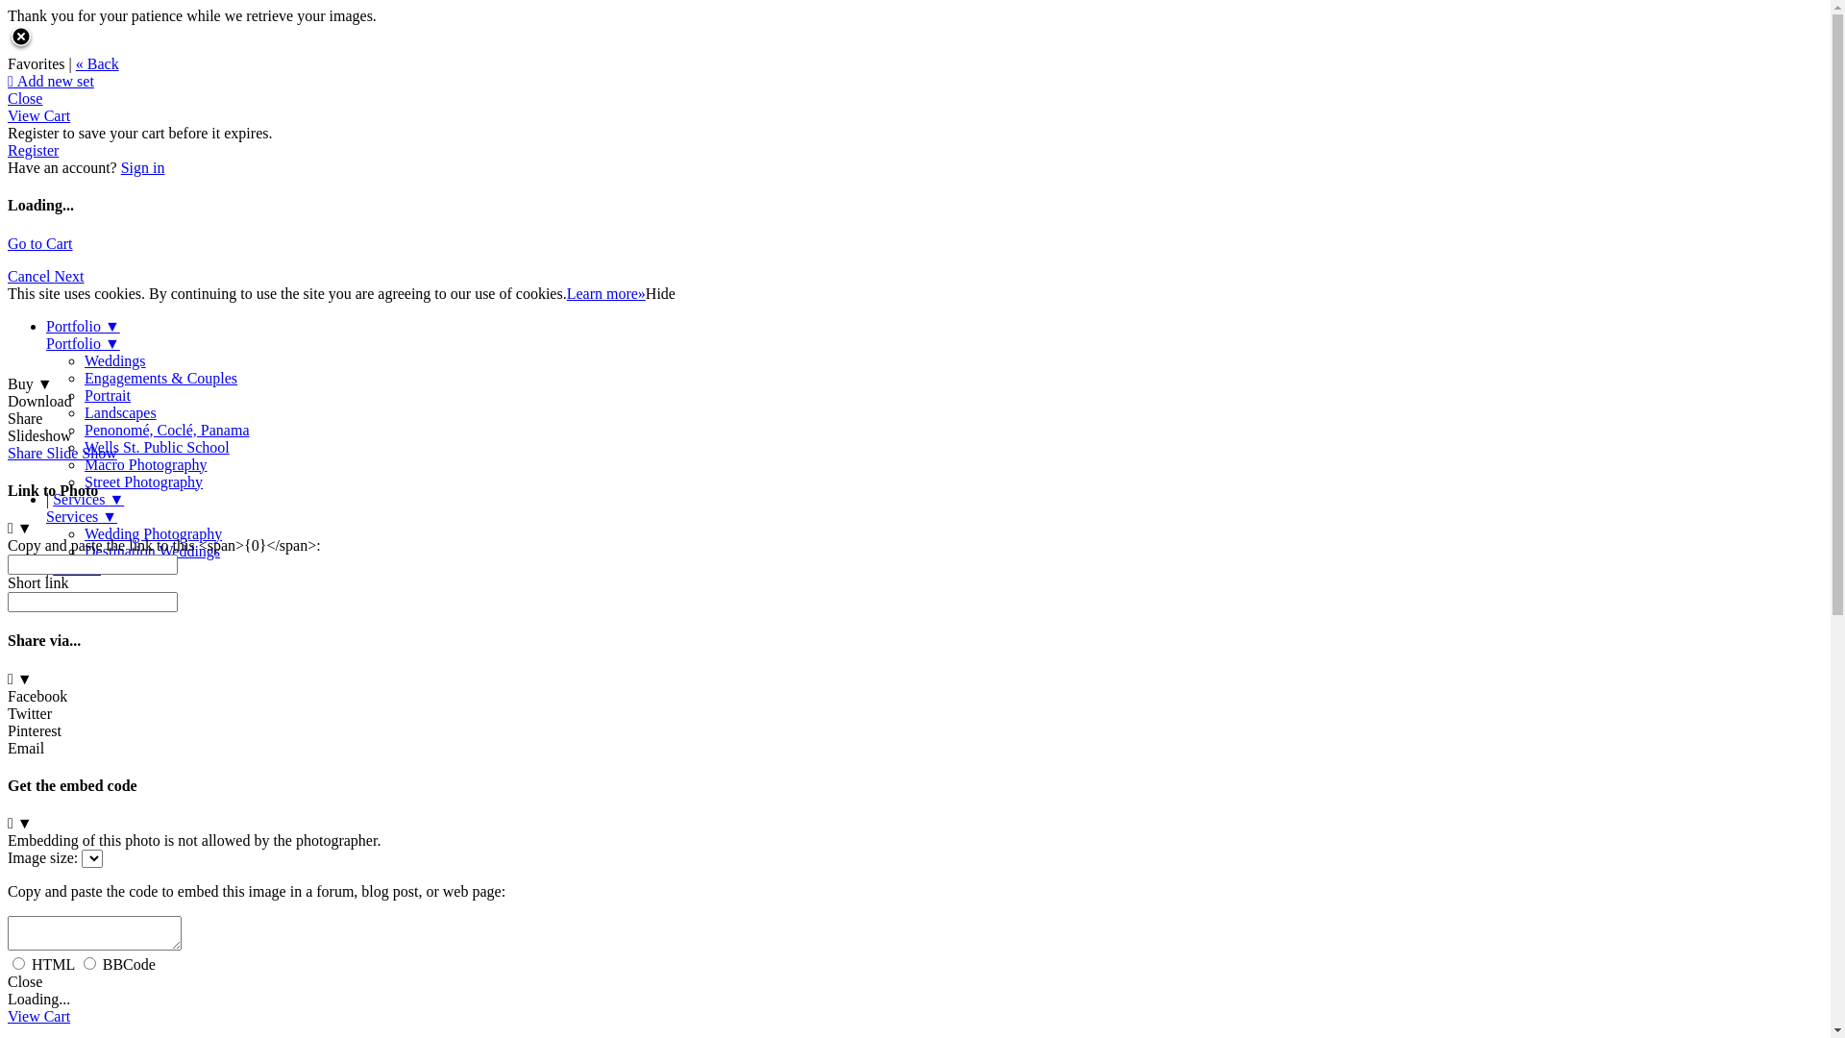  Describe the element at coordinates (152, 533) in the screenshot. I see `'Wedding Photography'` at that location.